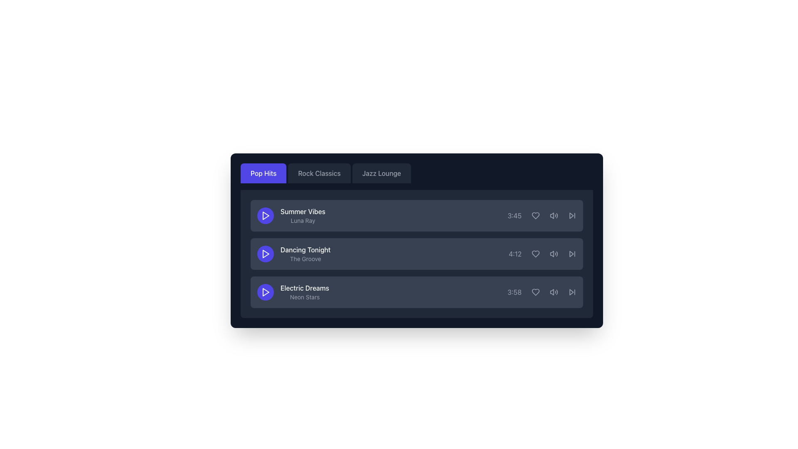 The image size is (798, 449). I want to click on the volume icon located near the bottom of the group containing the time '3:58', positioned to the right of a heart icon, so click(554, 291).